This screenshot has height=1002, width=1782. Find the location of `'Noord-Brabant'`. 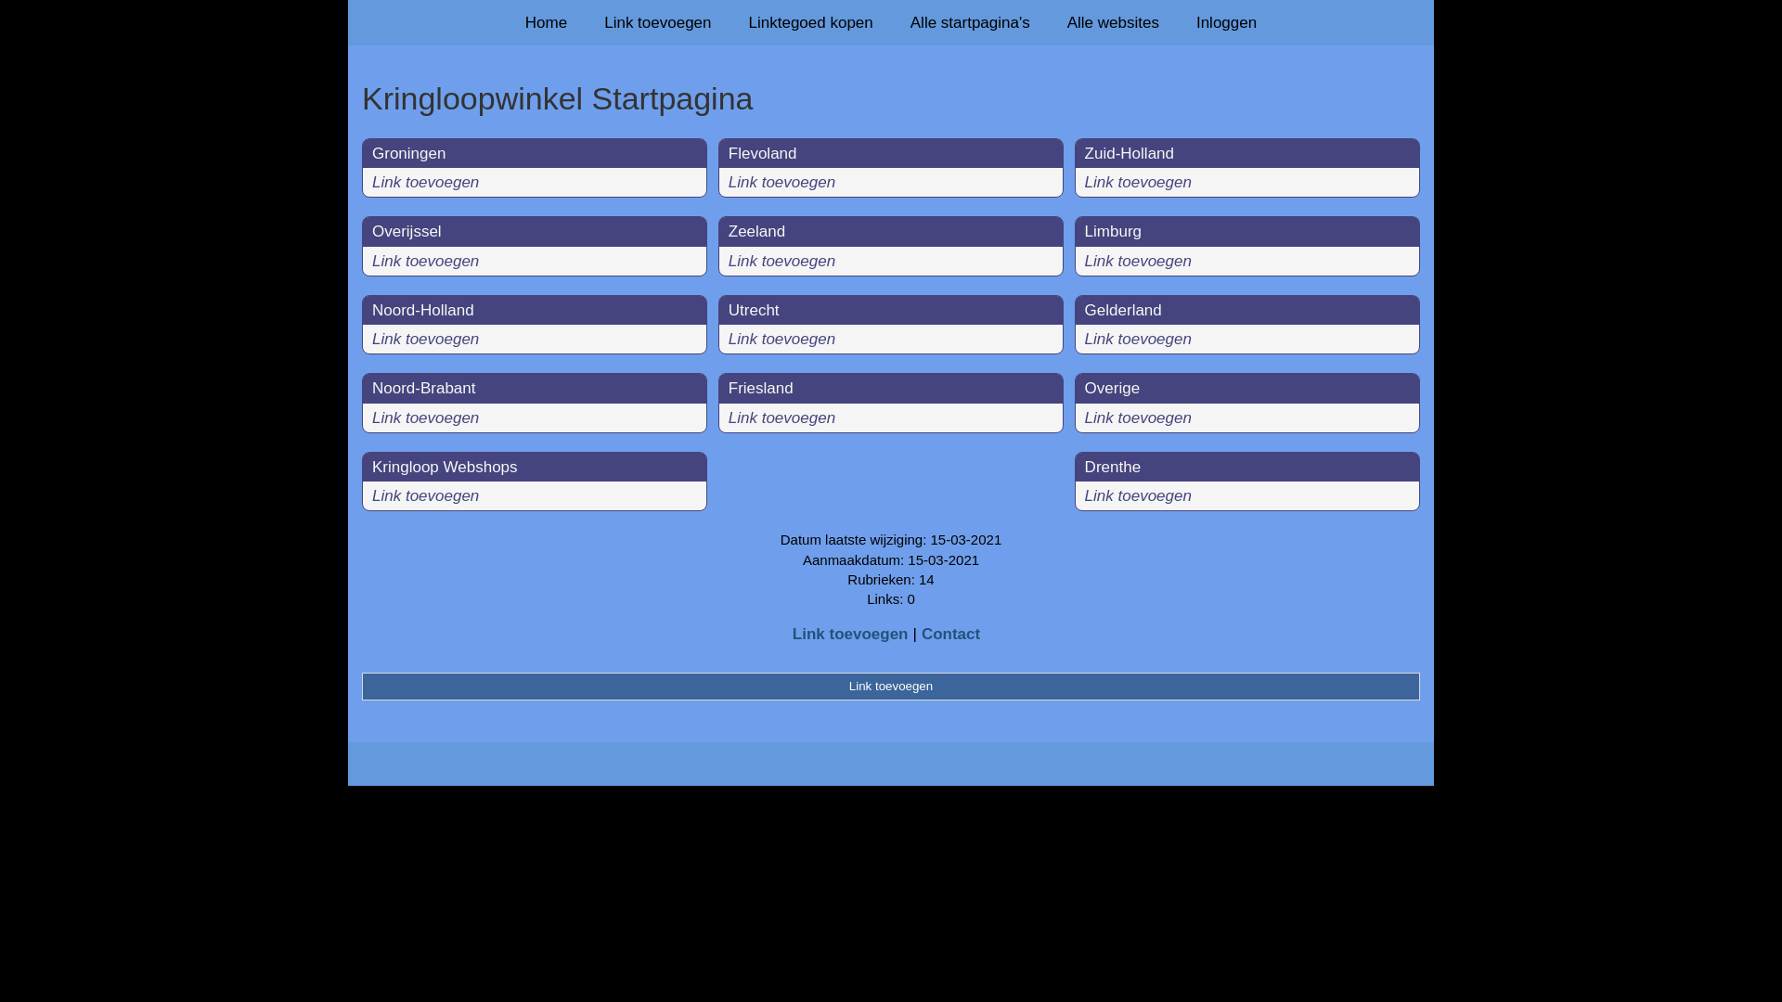

'Noord-Brabant' is located at coordinates (422, 387).